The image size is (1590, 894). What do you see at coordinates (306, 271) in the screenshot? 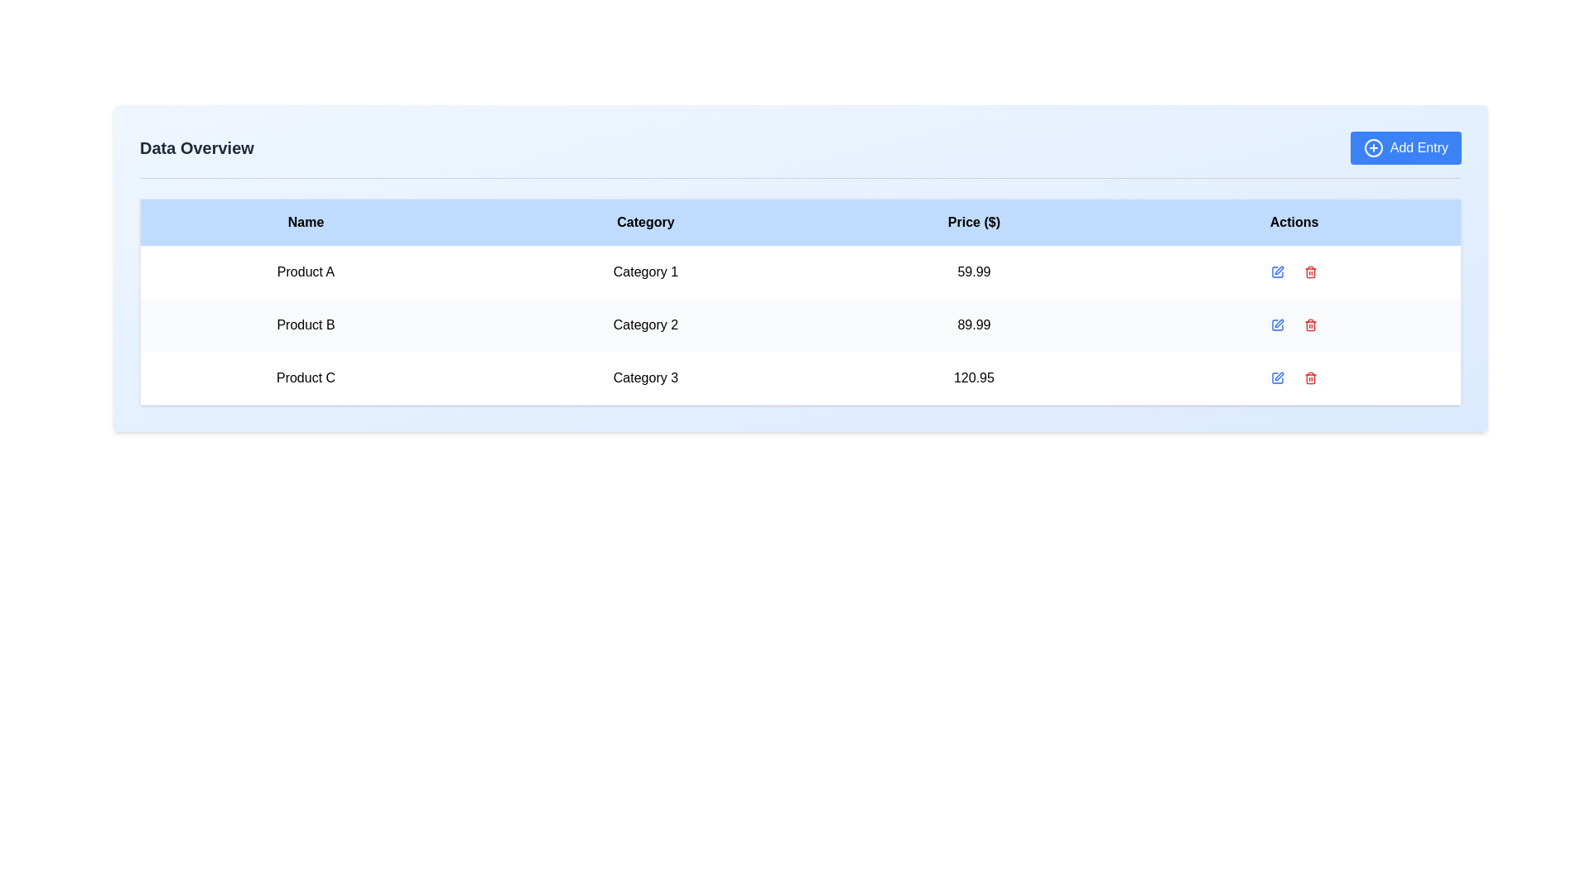
I see `the text label 'Product A' located in the first row of the table under the 'Name' column` at bounding box center [306, 271].